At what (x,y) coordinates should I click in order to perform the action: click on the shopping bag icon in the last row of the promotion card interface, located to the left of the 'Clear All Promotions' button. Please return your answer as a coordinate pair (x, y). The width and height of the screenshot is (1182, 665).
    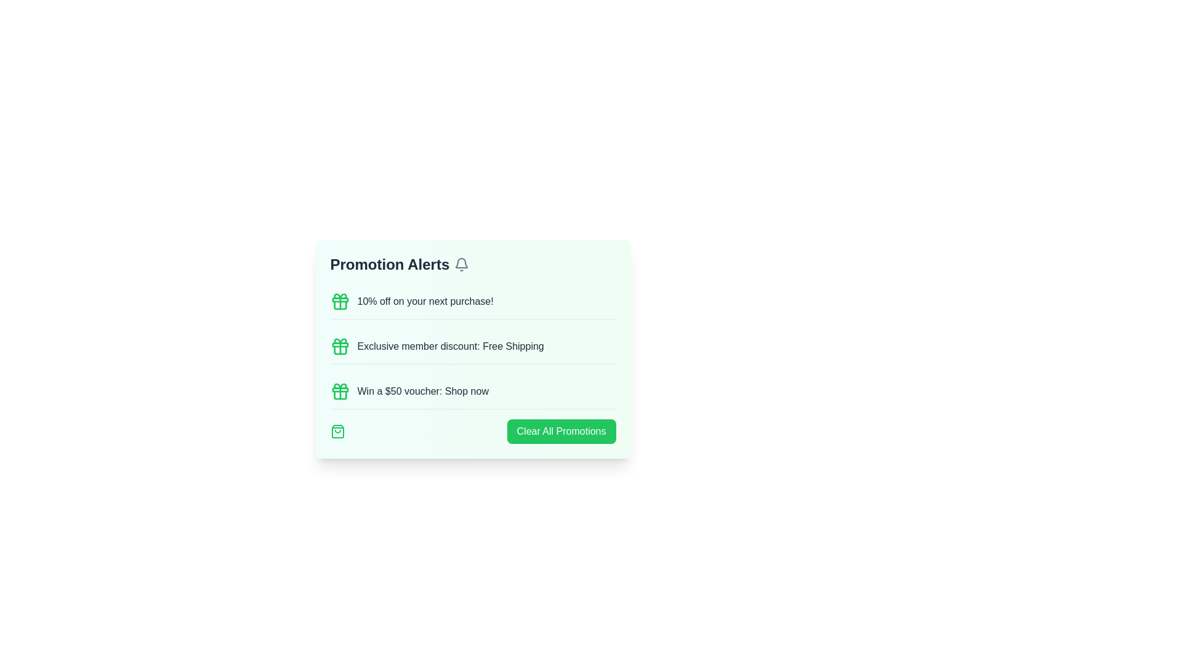
    Looking at the image, I should click on (337, 431).